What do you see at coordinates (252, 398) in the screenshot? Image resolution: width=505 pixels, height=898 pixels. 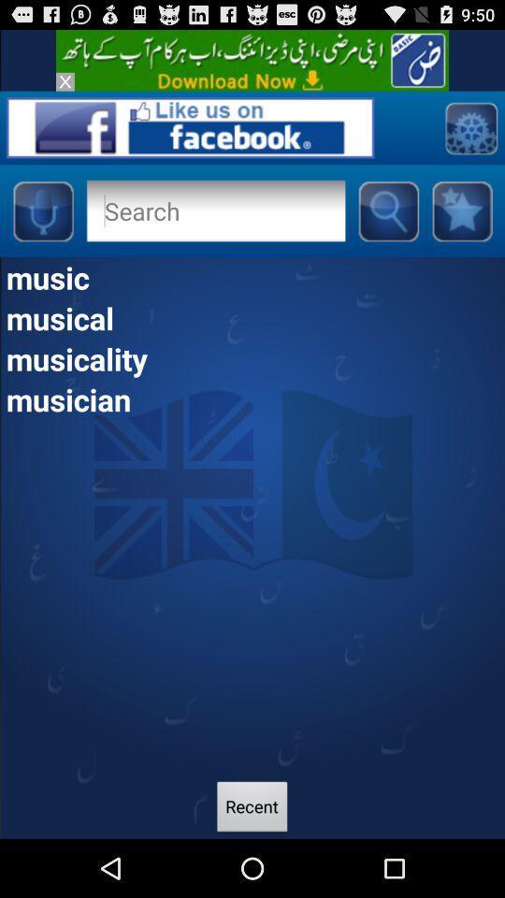 I see `the musician item` at bounding box center [252, 398].